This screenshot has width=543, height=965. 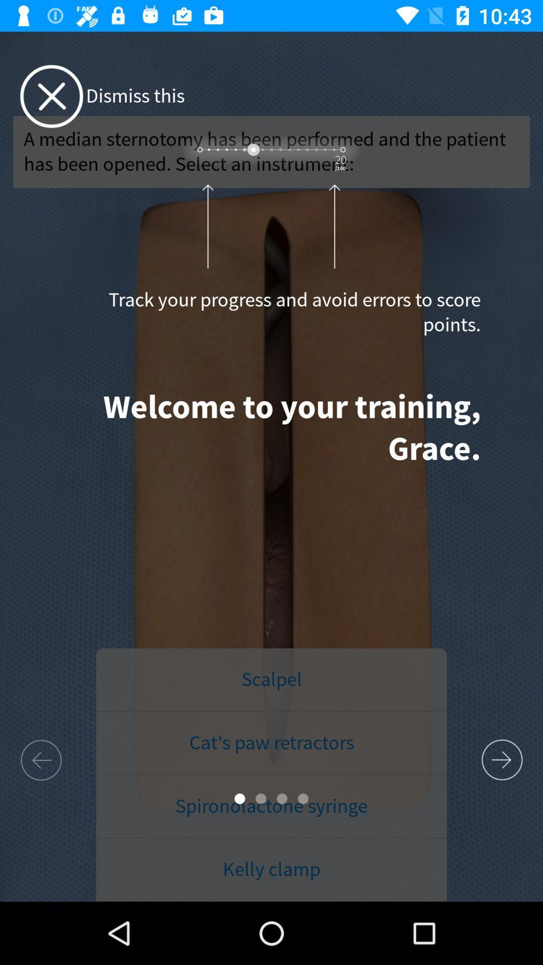 What do you see at coordinates (271, 870) in the screenshot?
I see `the kelly clamp` at bounding box center [271, 870].